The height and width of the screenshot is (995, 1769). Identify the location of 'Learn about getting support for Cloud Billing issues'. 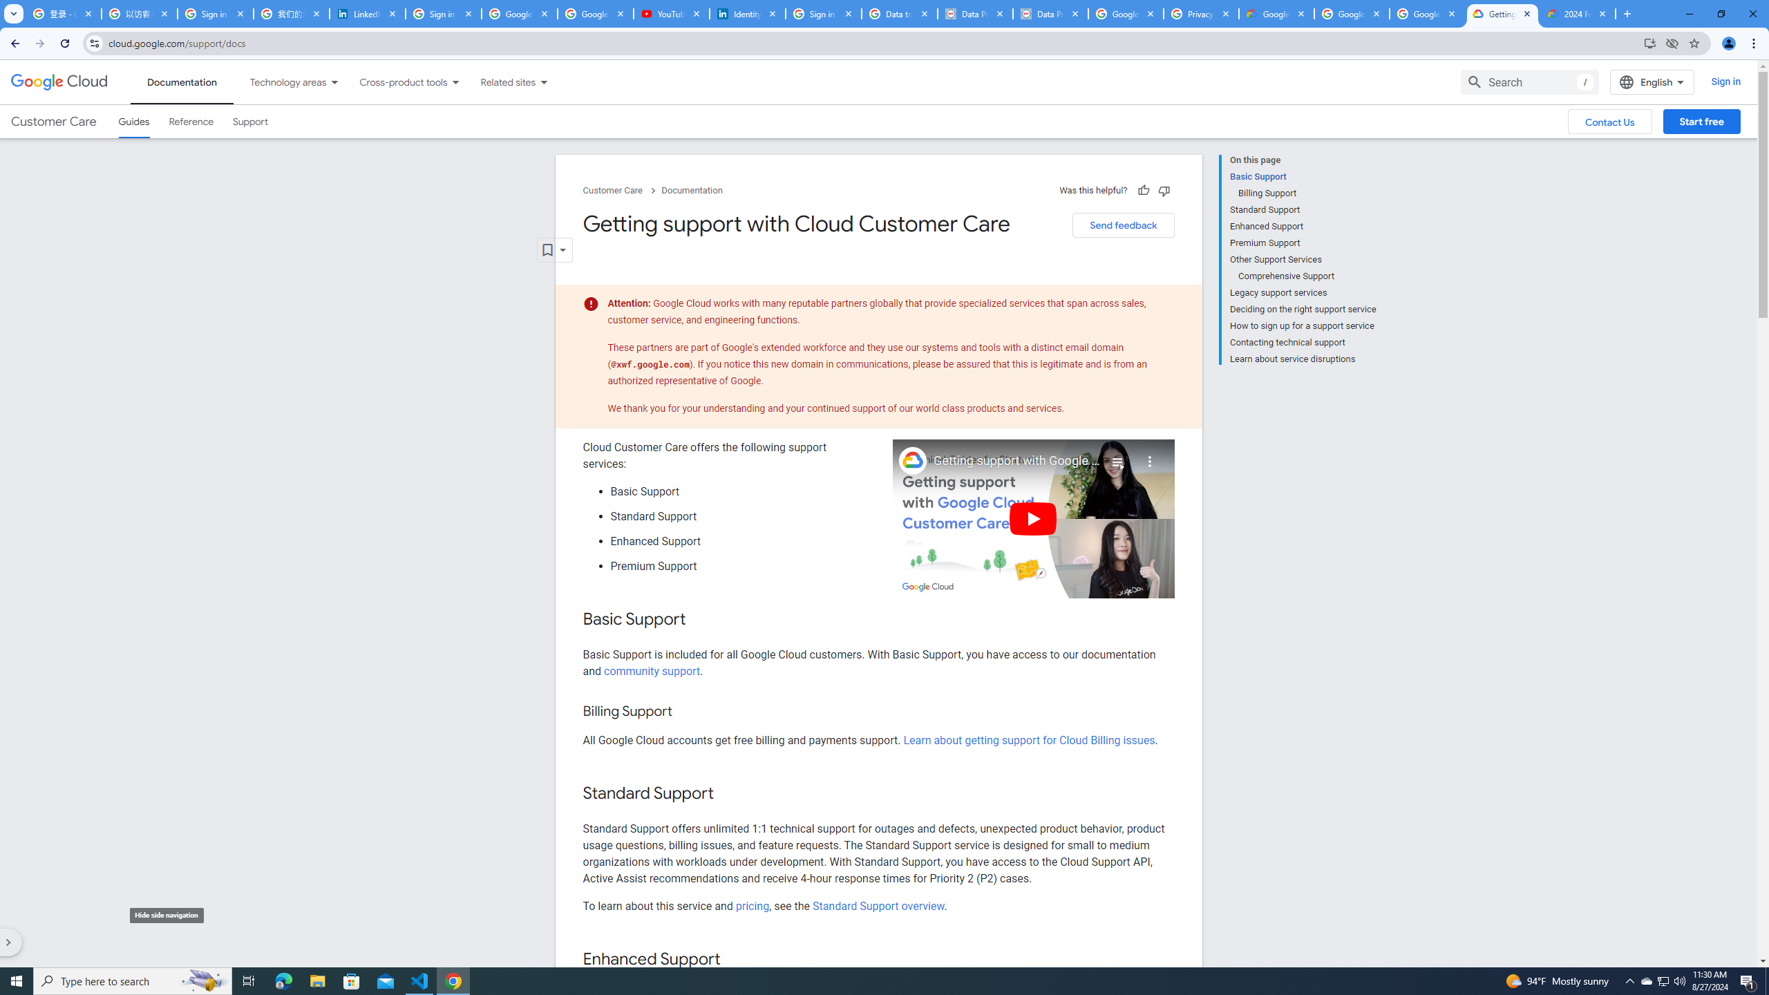
(1028, 741).